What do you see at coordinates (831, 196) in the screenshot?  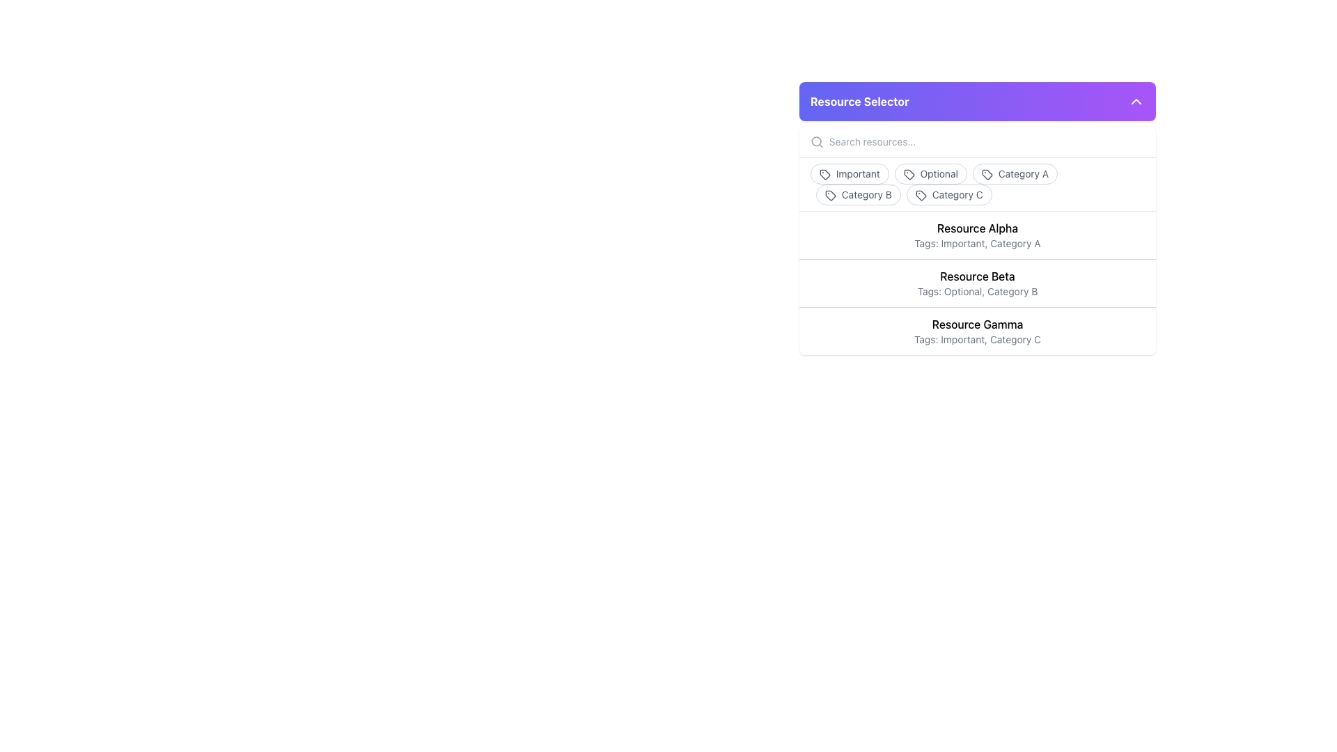 I see `the appearance of the icon representing the 'Category B' tag located in the tag list section of the interface` at bounding box center [831, 196].